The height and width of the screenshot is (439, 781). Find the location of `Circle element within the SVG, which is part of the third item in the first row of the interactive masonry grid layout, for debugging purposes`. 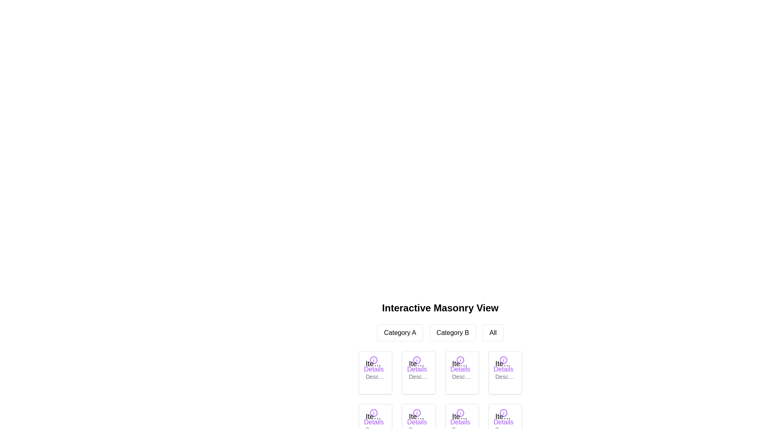

Circle element within the SVG, which is part of the third item in the first row of the interactive masonry grid layout, for debugging purposes is located at coordinates (460, 359).